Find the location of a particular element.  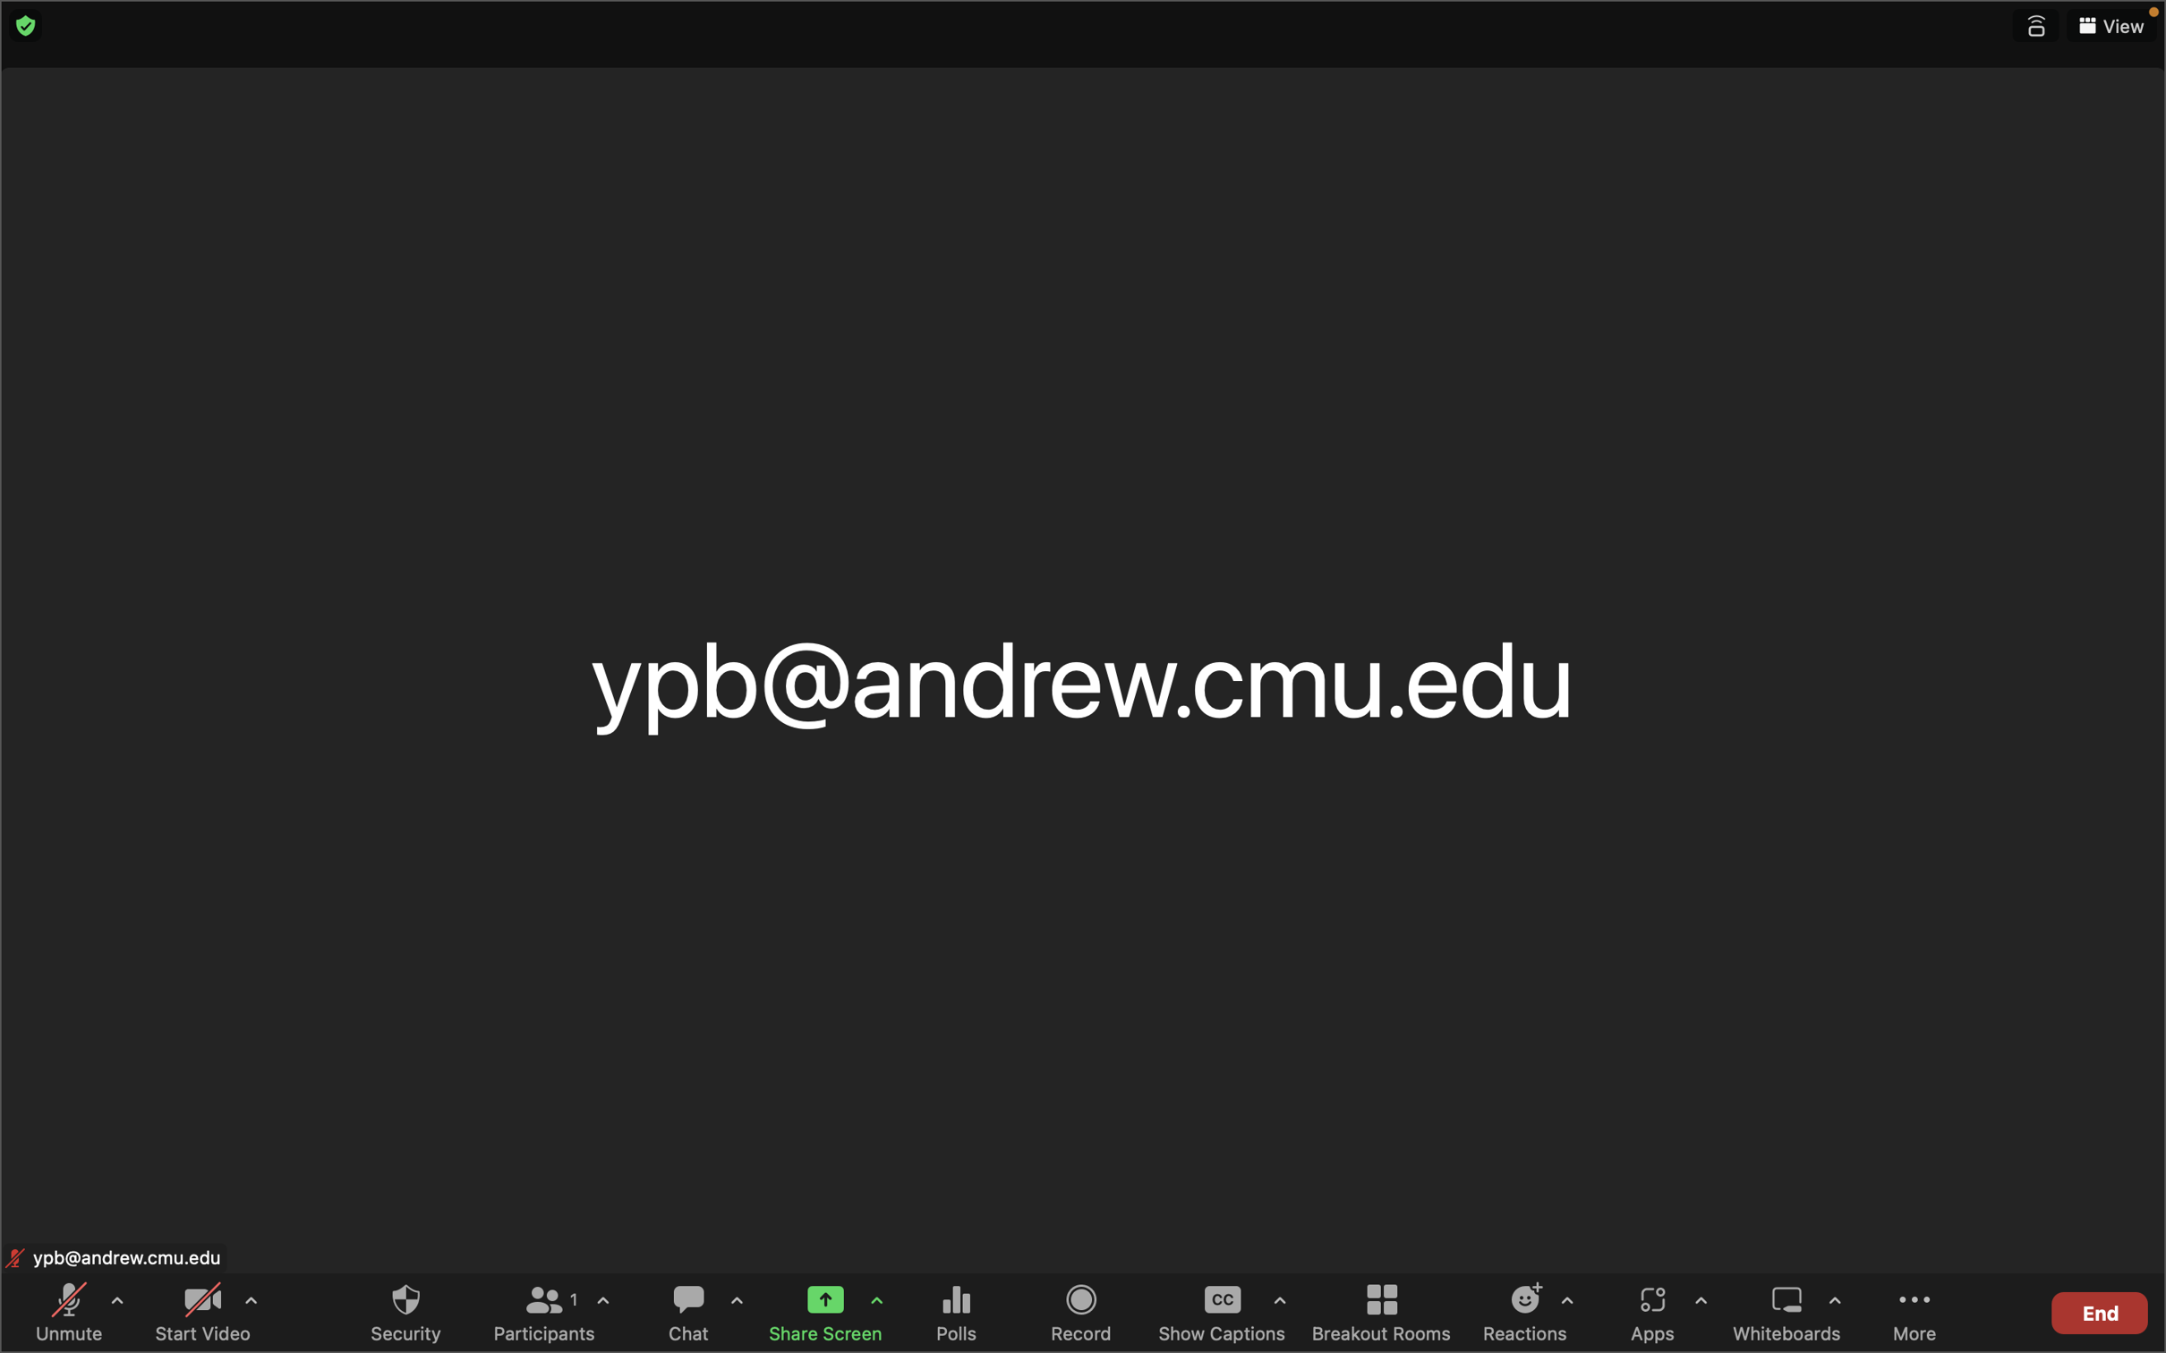

the share screen options is located at coordinates (876, 1303).